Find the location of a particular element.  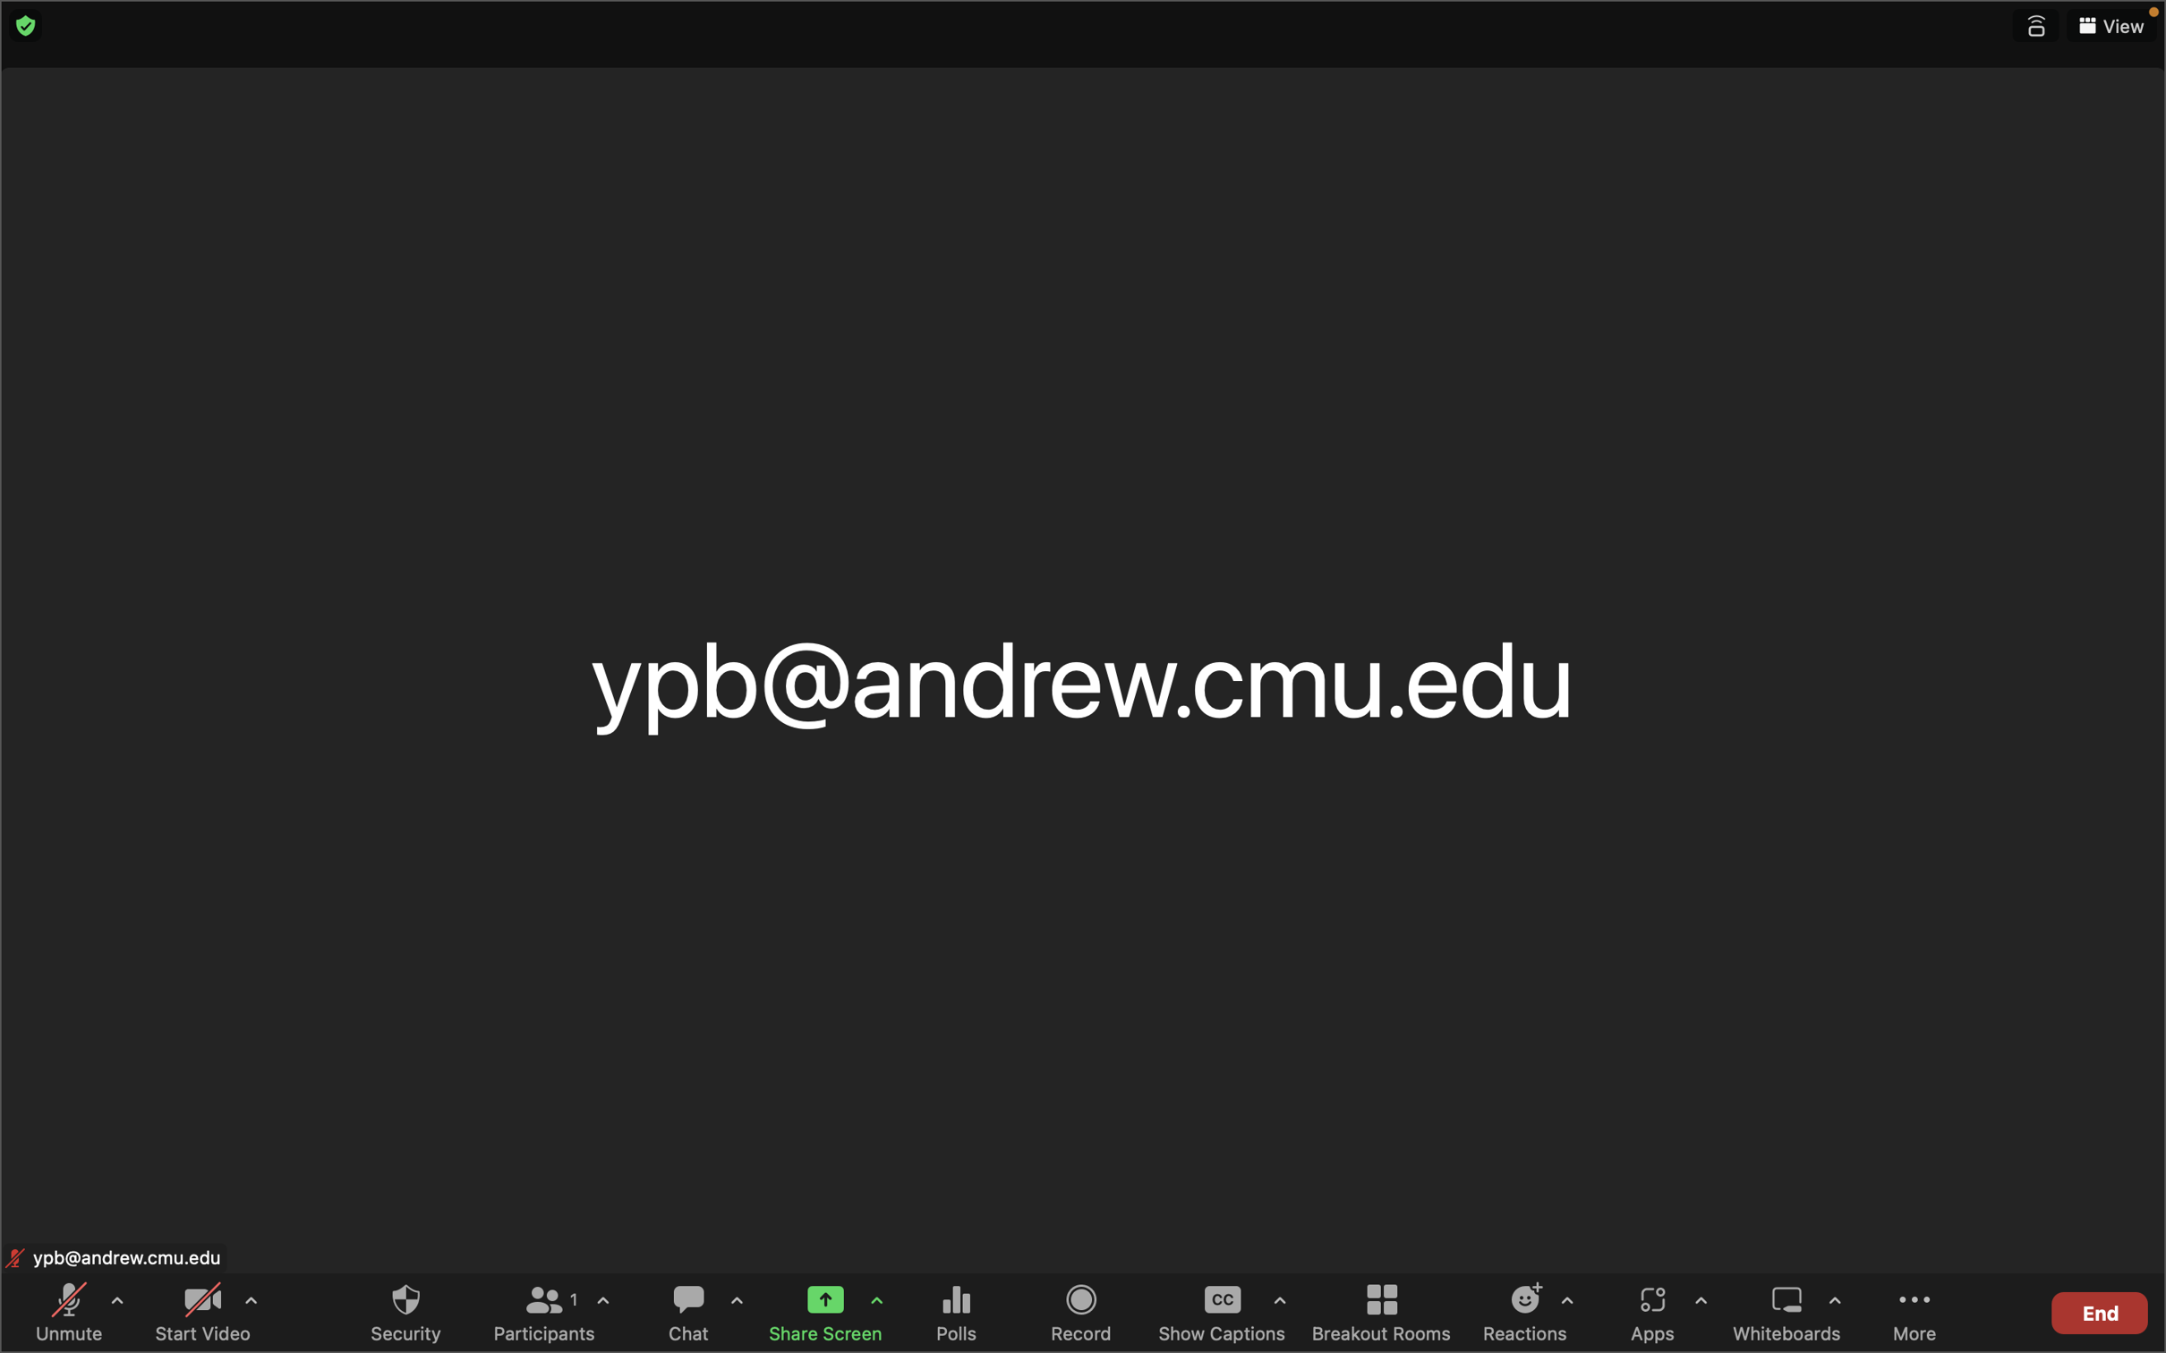

the share screen options is located at coordinates (876, 1303).